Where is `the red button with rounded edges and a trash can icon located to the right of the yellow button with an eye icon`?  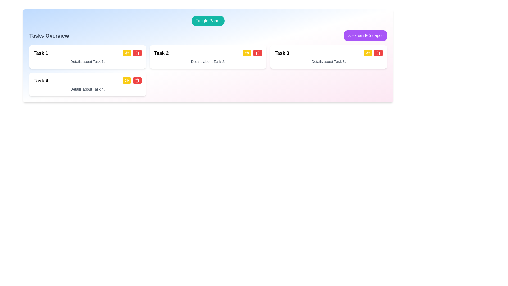 the red button with rounded edges and a trash can icon located to the right of the yellow button with an eye icon is located at coordinates (137, 53).